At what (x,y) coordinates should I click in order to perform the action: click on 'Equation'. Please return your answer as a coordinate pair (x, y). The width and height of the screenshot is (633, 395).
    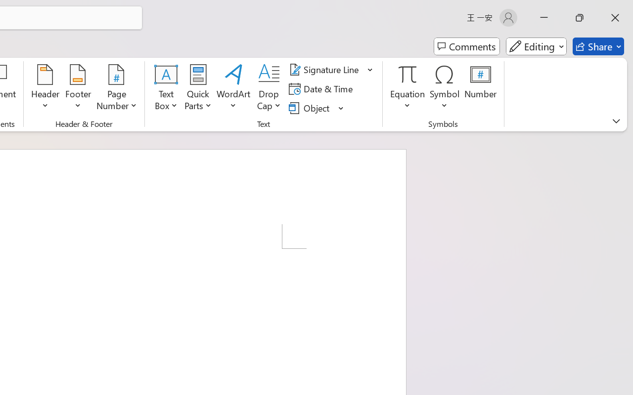
    Looking at the image, I should click on (407, 88).